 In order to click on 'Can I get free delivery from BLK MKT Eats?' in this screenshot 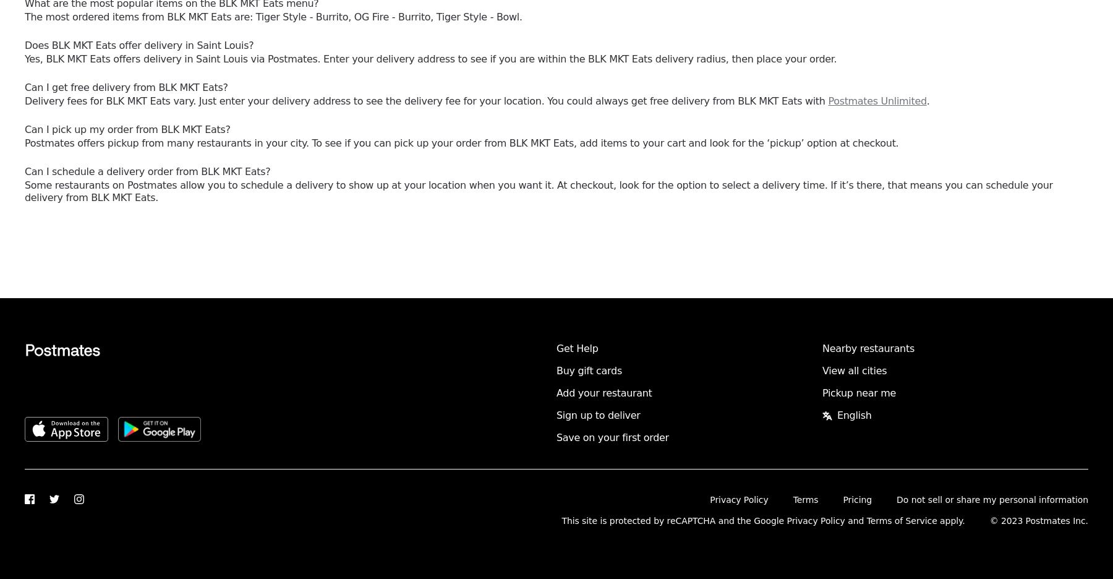, I will do `click(126, 87)`.